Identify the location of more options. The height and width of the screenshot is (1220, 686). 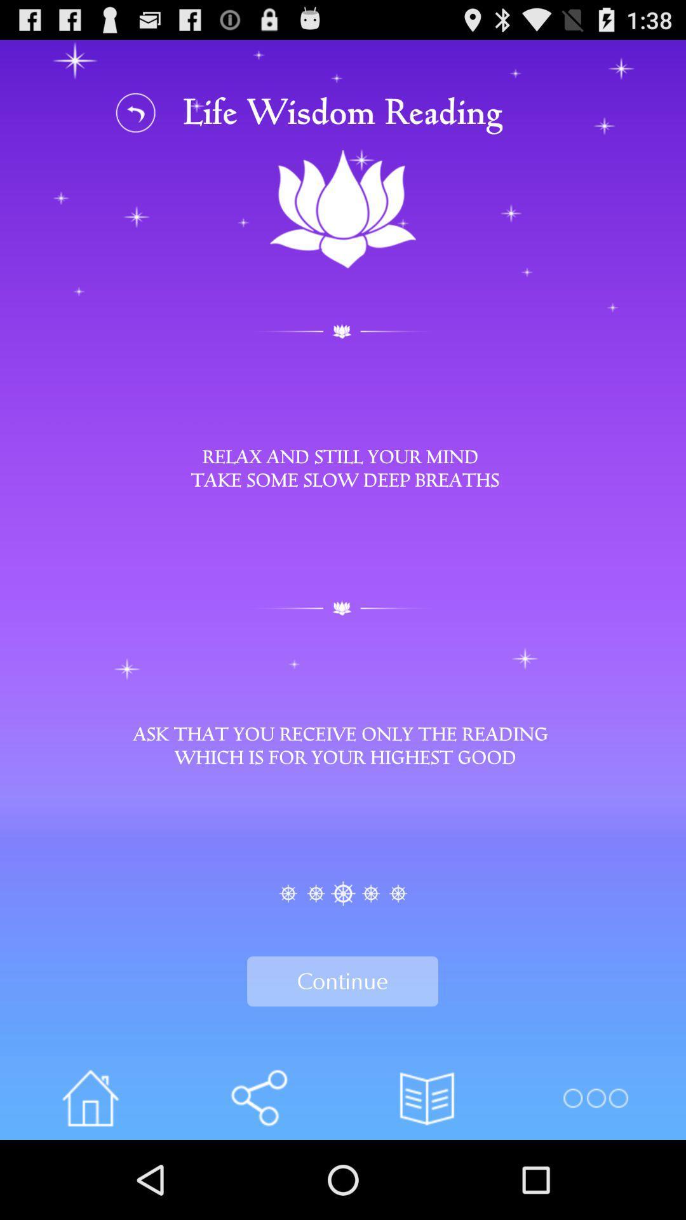
(595, 1097).